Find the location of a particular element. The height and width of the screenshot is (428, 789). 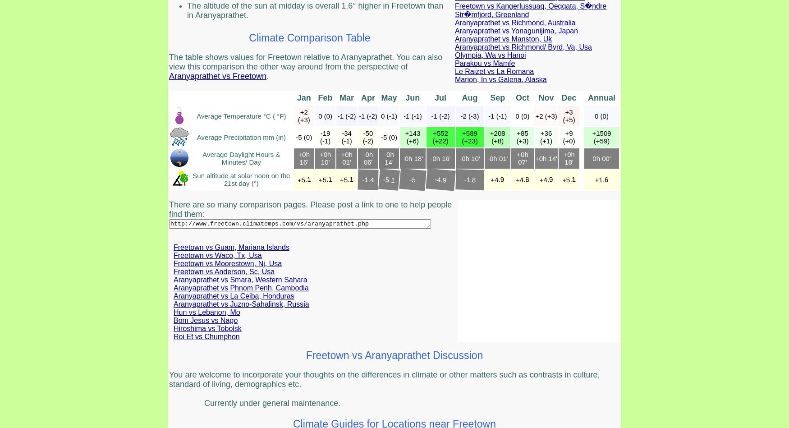

'Dec' is located at coordinates (568, 97).